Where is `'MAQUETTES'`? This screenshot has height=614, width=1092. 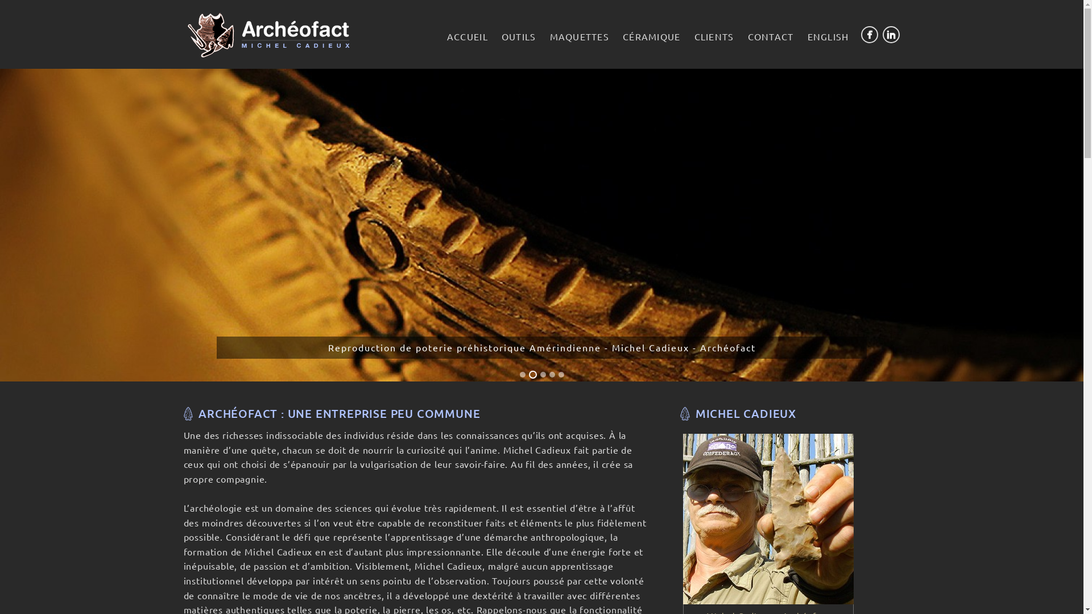 'MAQUETTES' is located at coordinates (543, 36).